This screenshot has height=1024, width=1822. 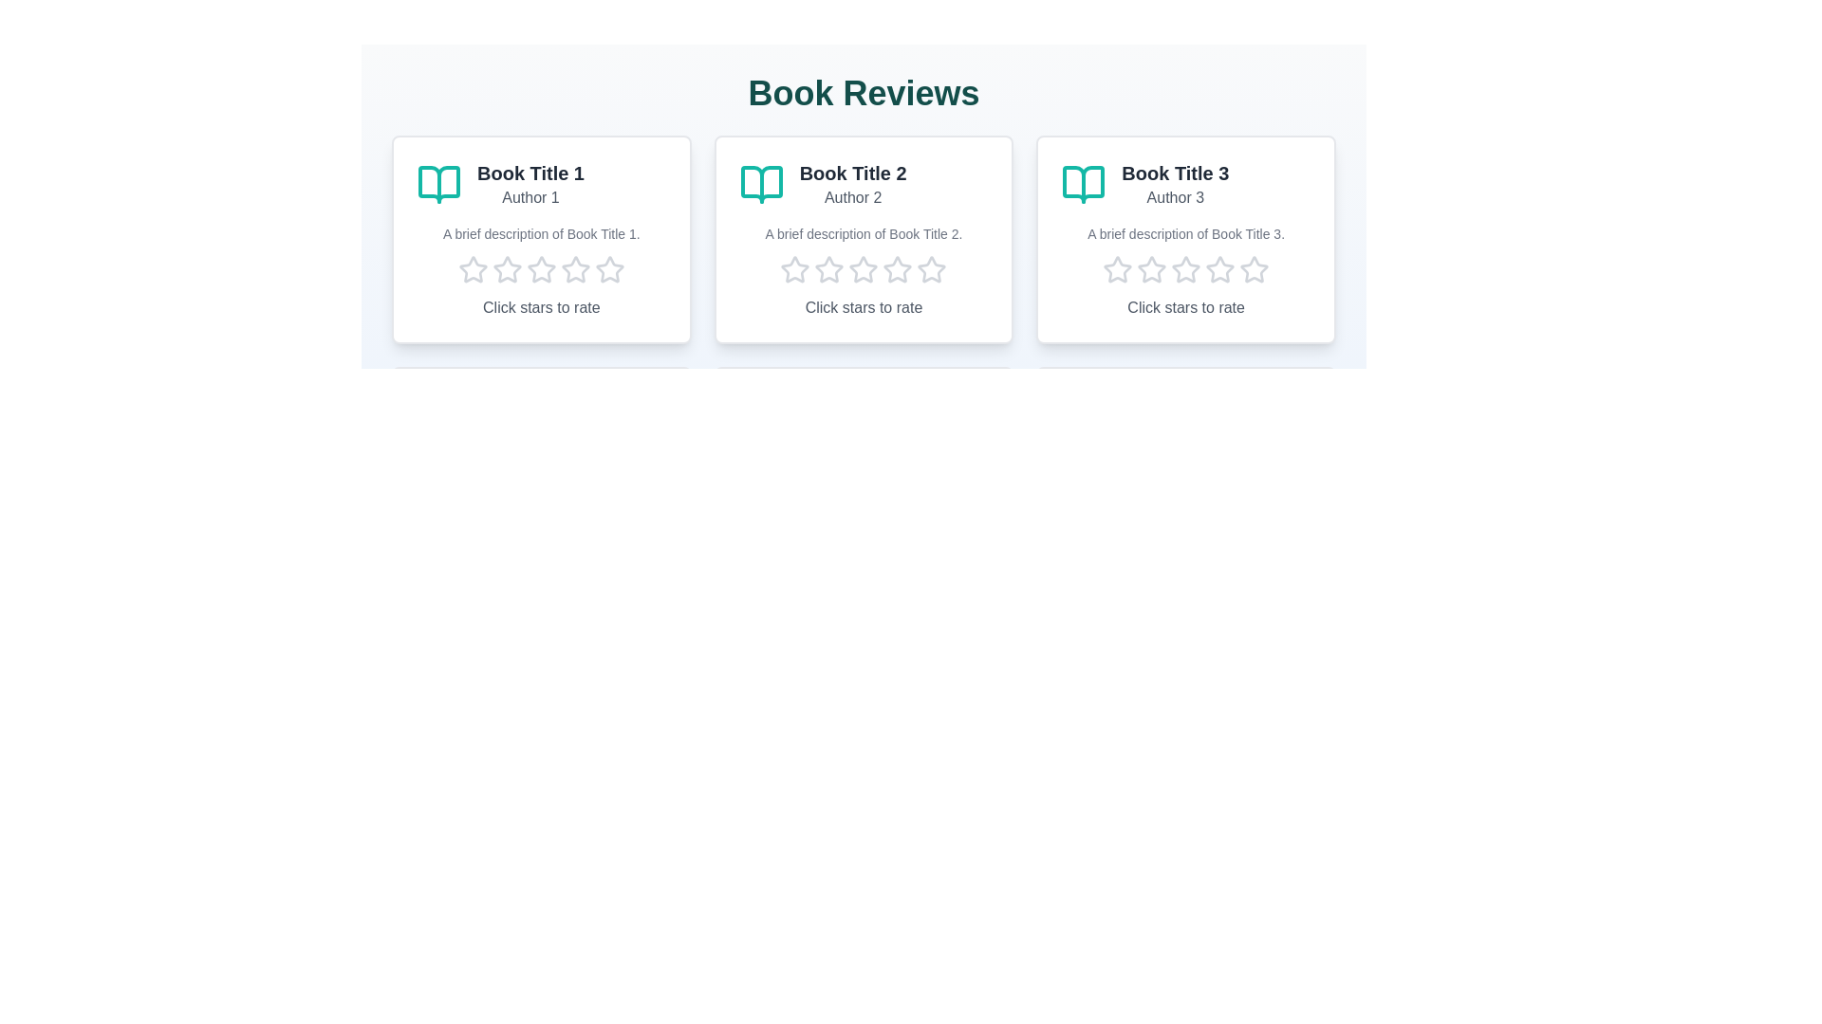 What do you see at coordinates (540, 239) in the screenshot?
I see `the book card to observe its hover effect` at bounding box center [540, 239].